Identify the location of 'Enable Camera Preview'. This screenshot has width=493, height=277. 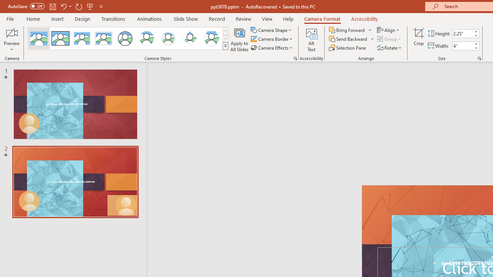
(12, 32).